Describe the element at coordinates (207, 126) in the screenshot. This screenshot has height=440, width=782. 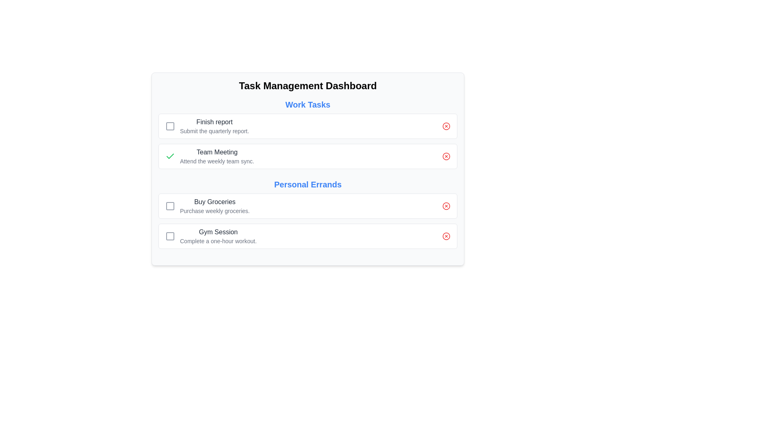
I see `the checkbox and descriptive text of the first task item under the 'Work Tasks' category in the 'Task Management Dashboard'` at that location.